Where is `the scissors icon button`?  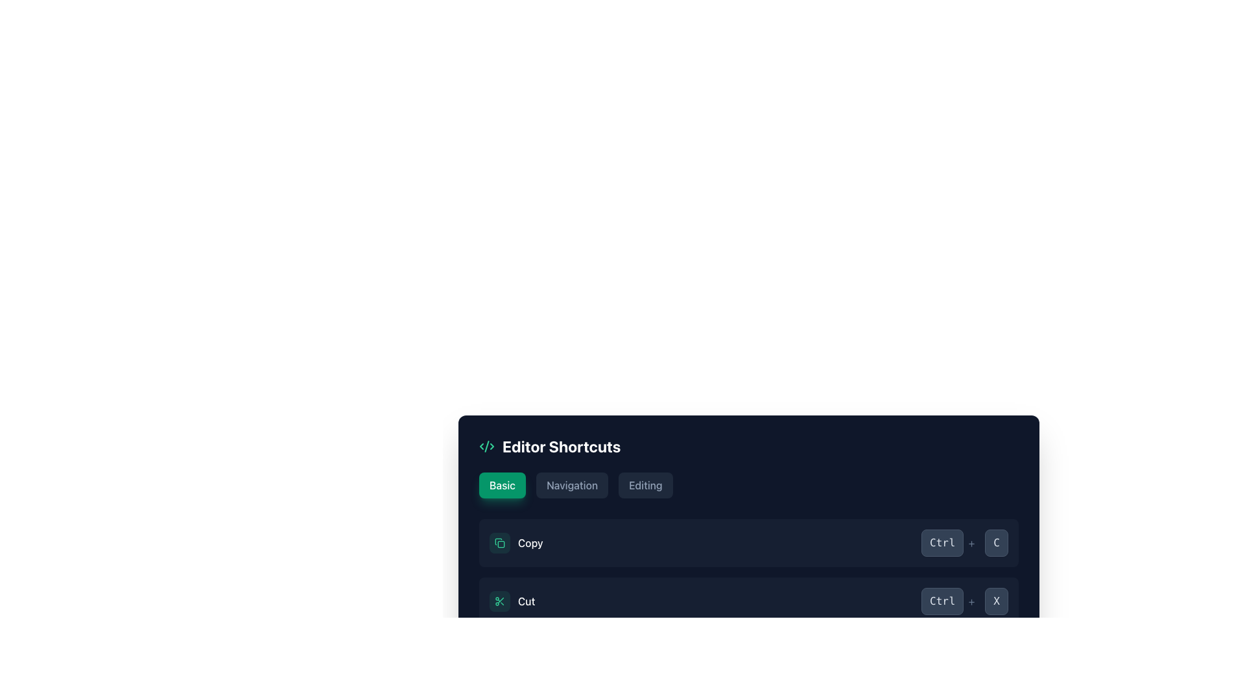 the scissors icon button is located at coordinates (499, 601).